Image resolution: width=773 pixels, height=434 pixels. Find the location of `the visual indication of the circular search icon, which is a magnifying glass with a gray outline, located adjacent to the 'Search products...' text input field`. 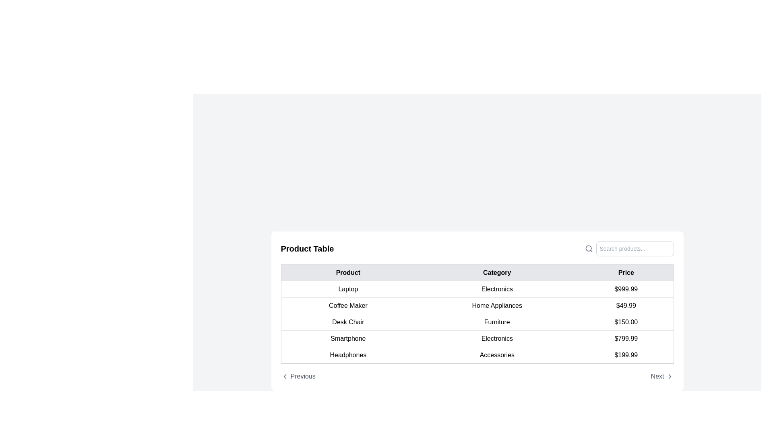

the visual indication of the circular search icon, which is a magnifying glass with a gray outline, located adjacent to the 'Search products...' text input field is located at coordinates (589, 248).